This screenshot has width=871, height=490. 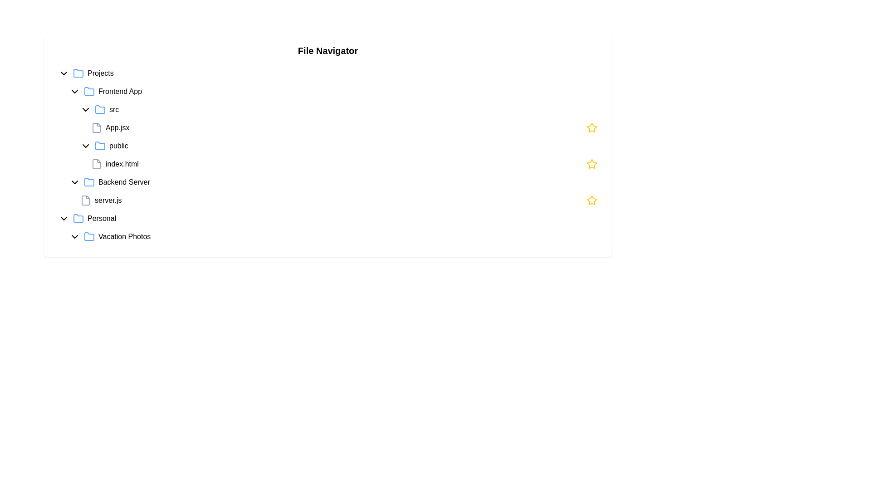 What do you see at coordinates (63, 219) in the screenshot?
I see `the UI indicator button for the 'Personal' section to potentially see visual feedback` at bounding box center [63, 219].